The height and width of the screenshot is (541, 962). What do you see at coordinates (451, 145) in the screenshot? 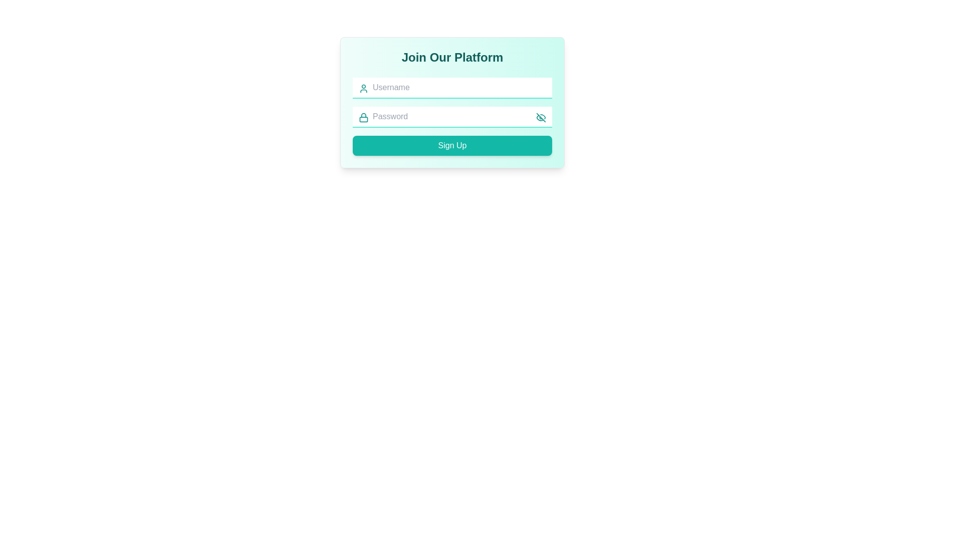
I see `the sign-up button located at the bottom of the form` at bounding box center [451, 145].